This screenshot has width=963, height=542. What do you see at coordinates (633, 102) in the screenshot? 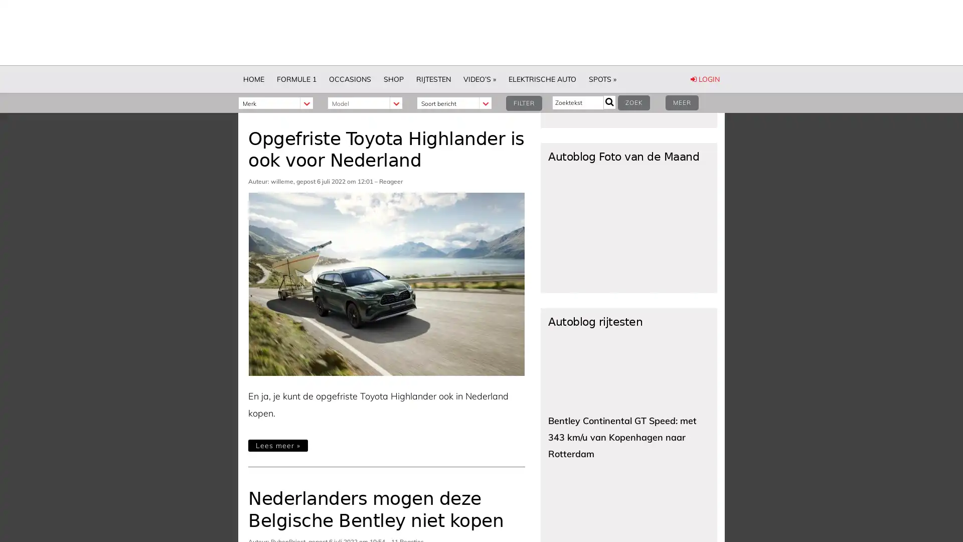
I see `ZOEK` at bounding box center [633, 102].